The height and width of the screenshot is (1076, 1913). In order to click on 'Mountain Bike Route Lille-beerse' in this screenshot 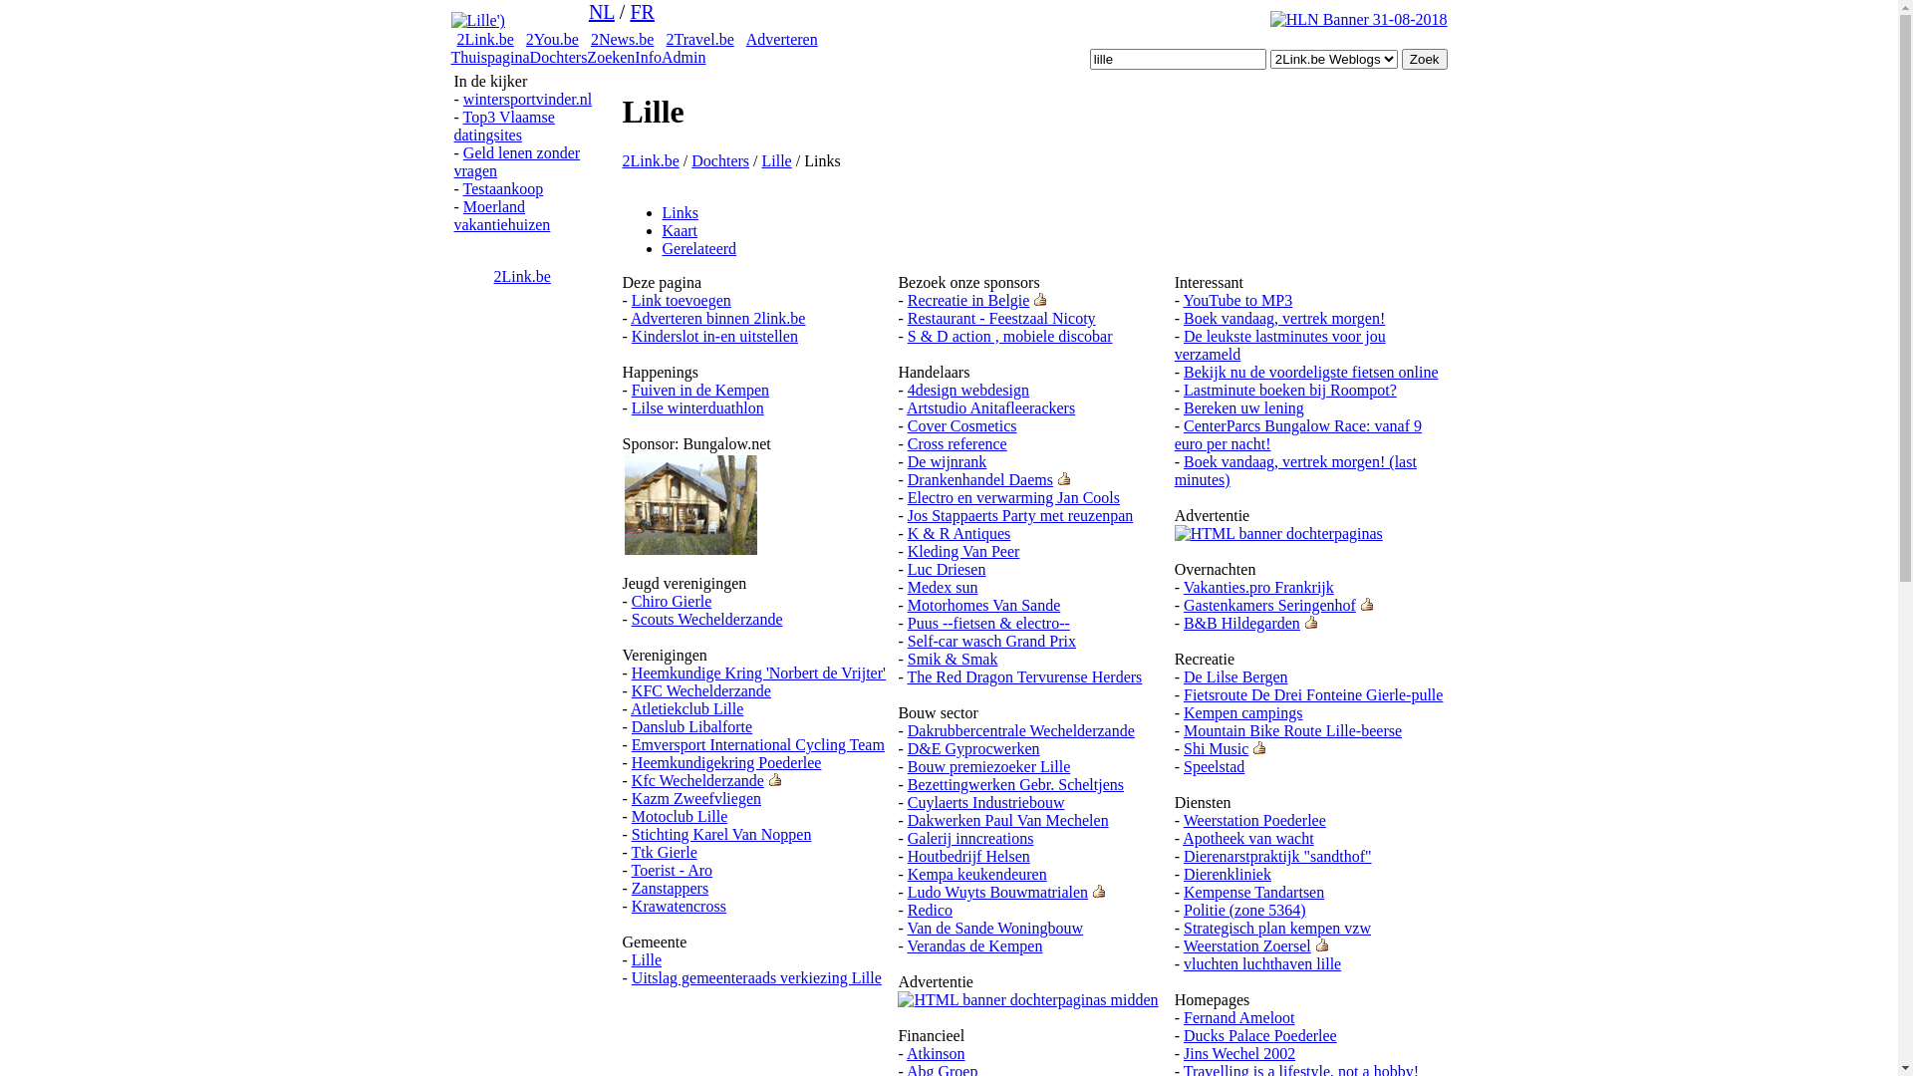, I will do `click(1292, 730)`.